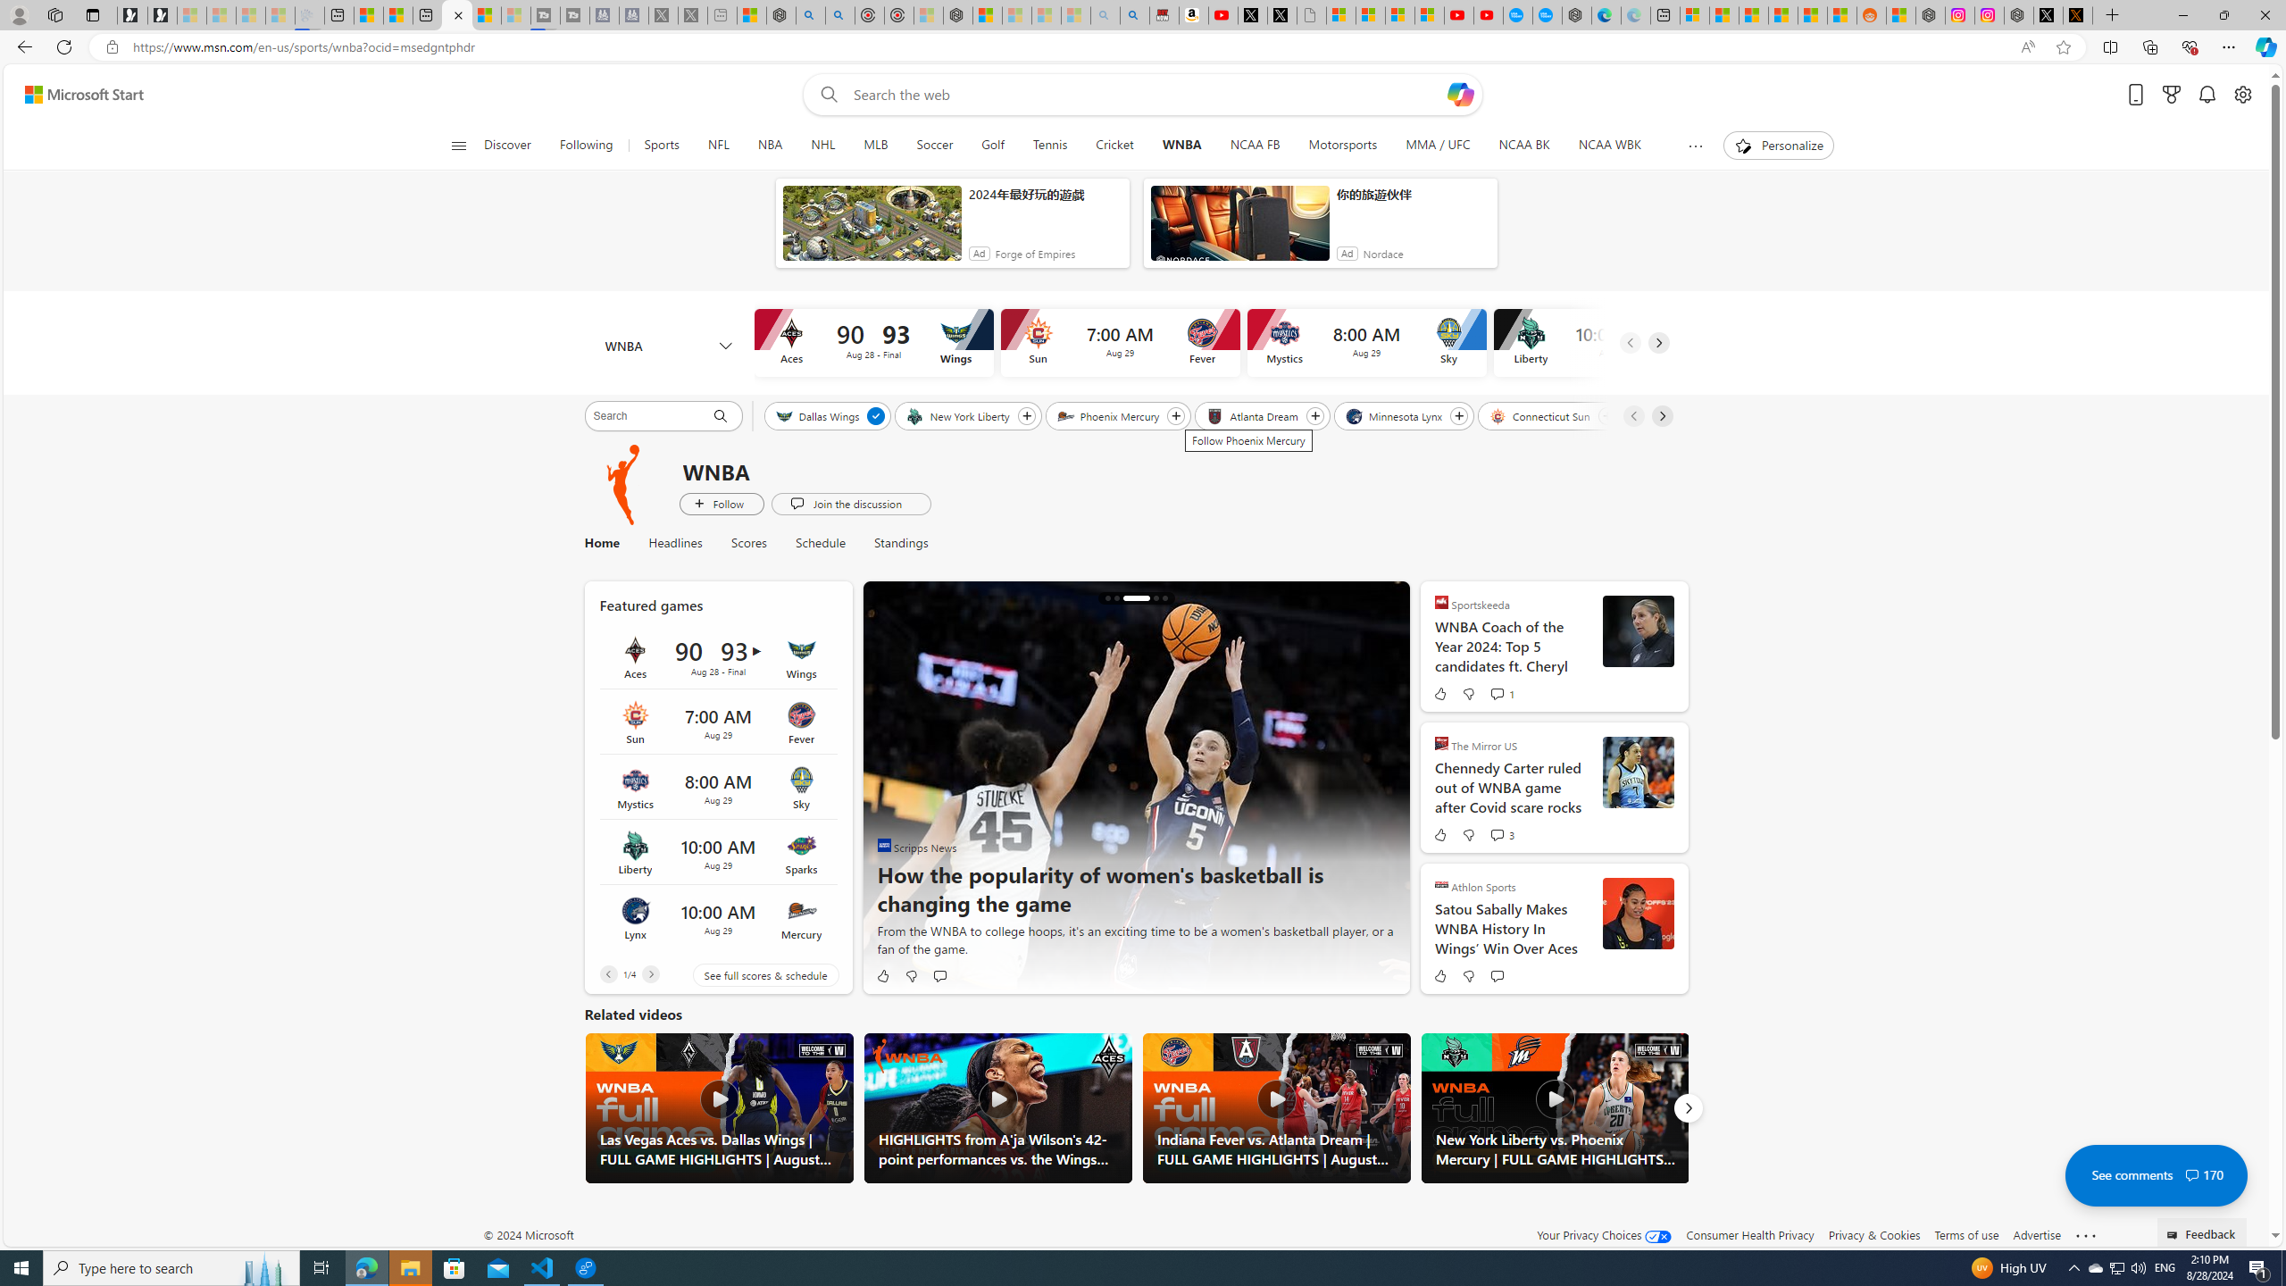 The height and width of the screenshot is (1286, 2286). I want to click on 'Cricket', so click(1114, 145).